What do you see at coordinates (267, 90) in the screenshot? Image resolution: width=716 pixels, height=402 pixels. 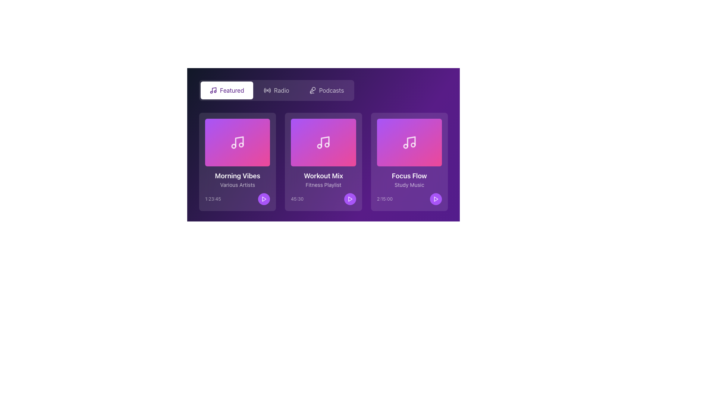 I see `the 'Radio' icon located on the top navigation bar, positioned between the 'Featured' and 'Podcasts' buttons` at bounding box center [267, 90].